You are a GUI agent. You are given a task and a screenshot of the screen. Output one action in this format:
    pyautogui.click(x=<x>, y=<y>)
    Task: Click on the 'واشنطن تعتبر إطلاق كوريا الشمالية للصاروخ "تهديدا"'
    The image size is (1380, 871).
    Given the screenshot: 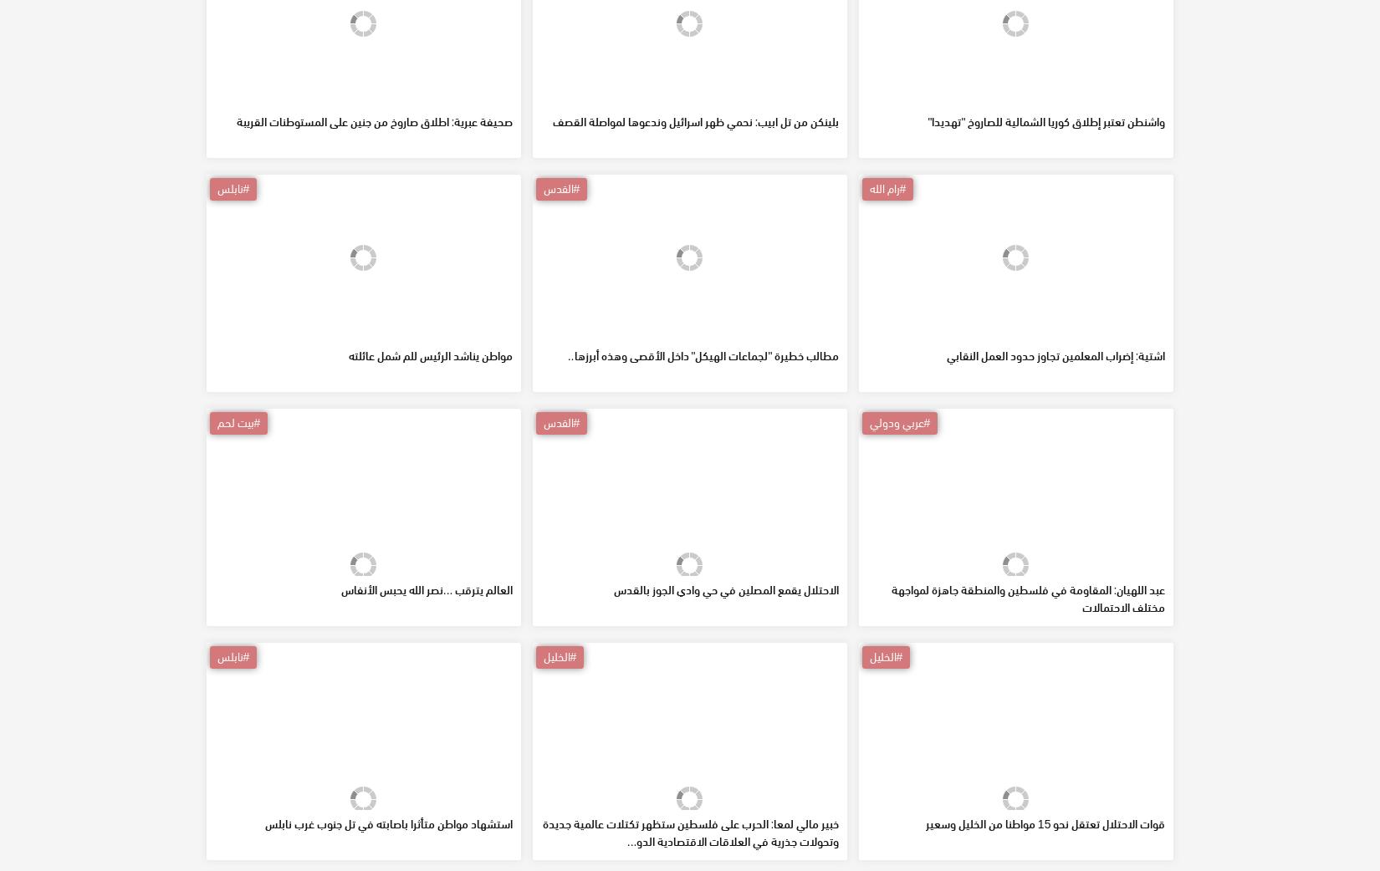 What is the action you would take?
    pyautogui.click(x=927, y=242)
    